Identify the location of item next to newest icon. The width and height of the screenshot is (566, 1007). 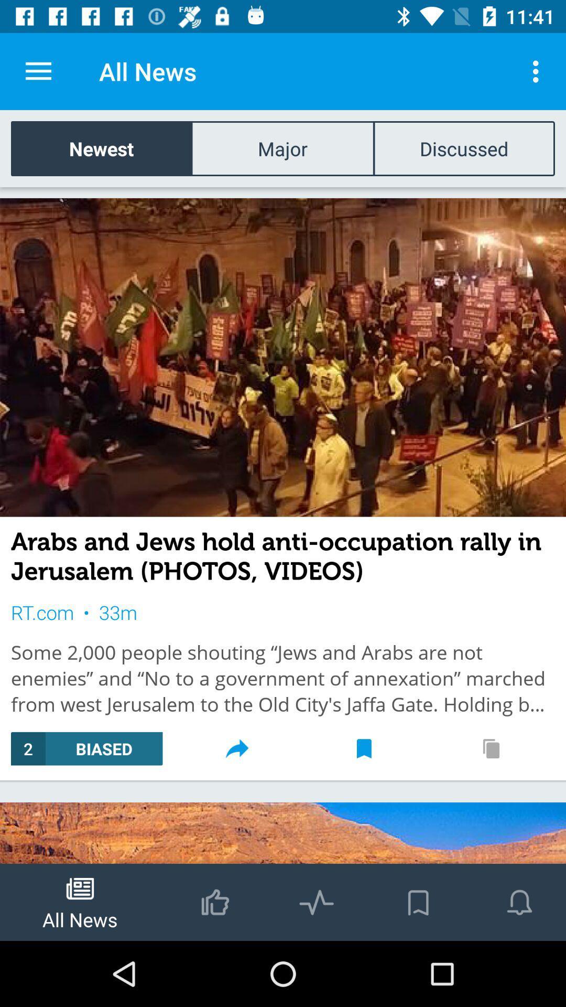
(282, 148).